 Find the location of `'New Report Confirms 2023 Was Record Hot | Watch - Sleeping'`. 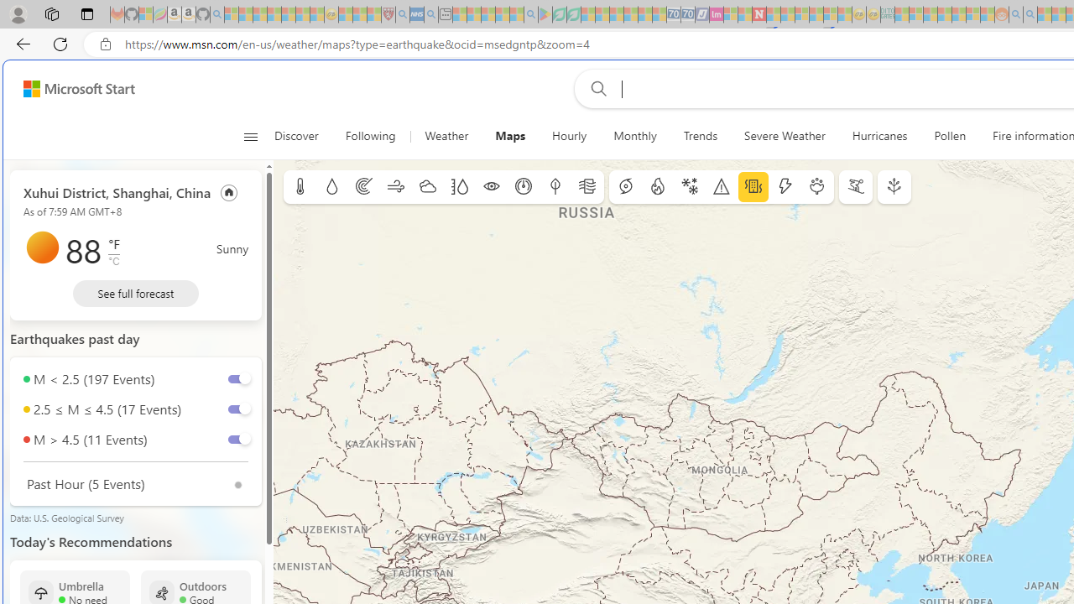

'New Report Confirms 2023 Was Record Hot | Watch - Sleeping' is located at coordinates (288, 14).